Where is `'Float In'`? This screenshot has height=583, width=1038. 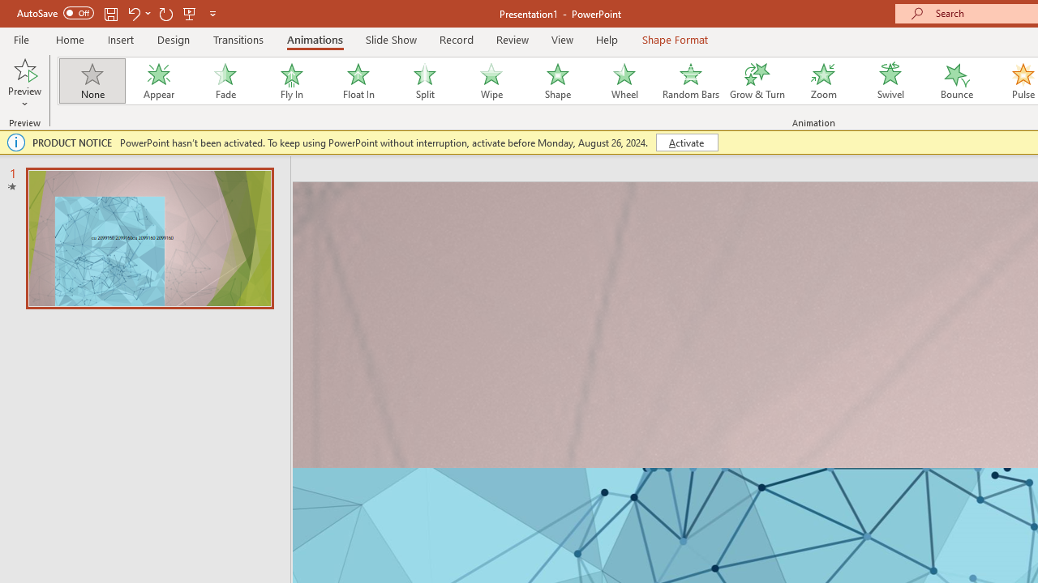
'Float In' is located at coordinates (357, 81).